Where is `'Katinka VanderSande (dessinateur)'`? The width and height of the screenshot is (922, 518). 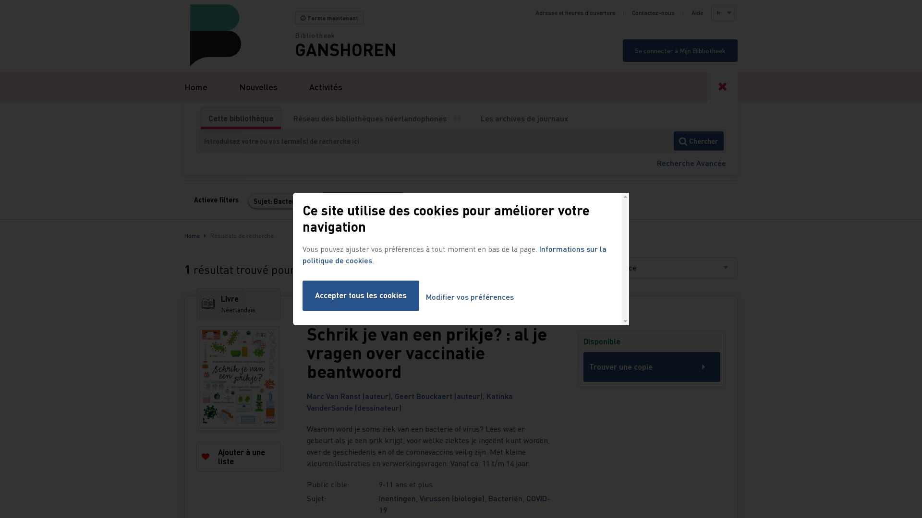 'Katinka VanderSande (dessinateur)' is located at coordinates (410, 401).